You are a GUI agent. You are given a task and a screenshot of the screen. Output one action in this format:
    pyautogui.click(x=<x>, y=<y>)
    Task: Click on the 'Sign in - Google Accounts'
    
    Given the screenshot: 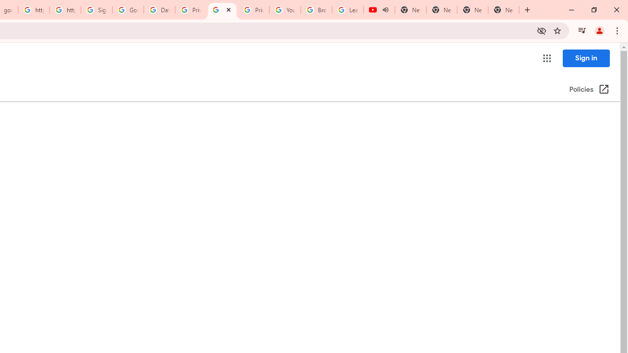 What is the action you would take?
    pyautogui.click(x=97, y=10)
    